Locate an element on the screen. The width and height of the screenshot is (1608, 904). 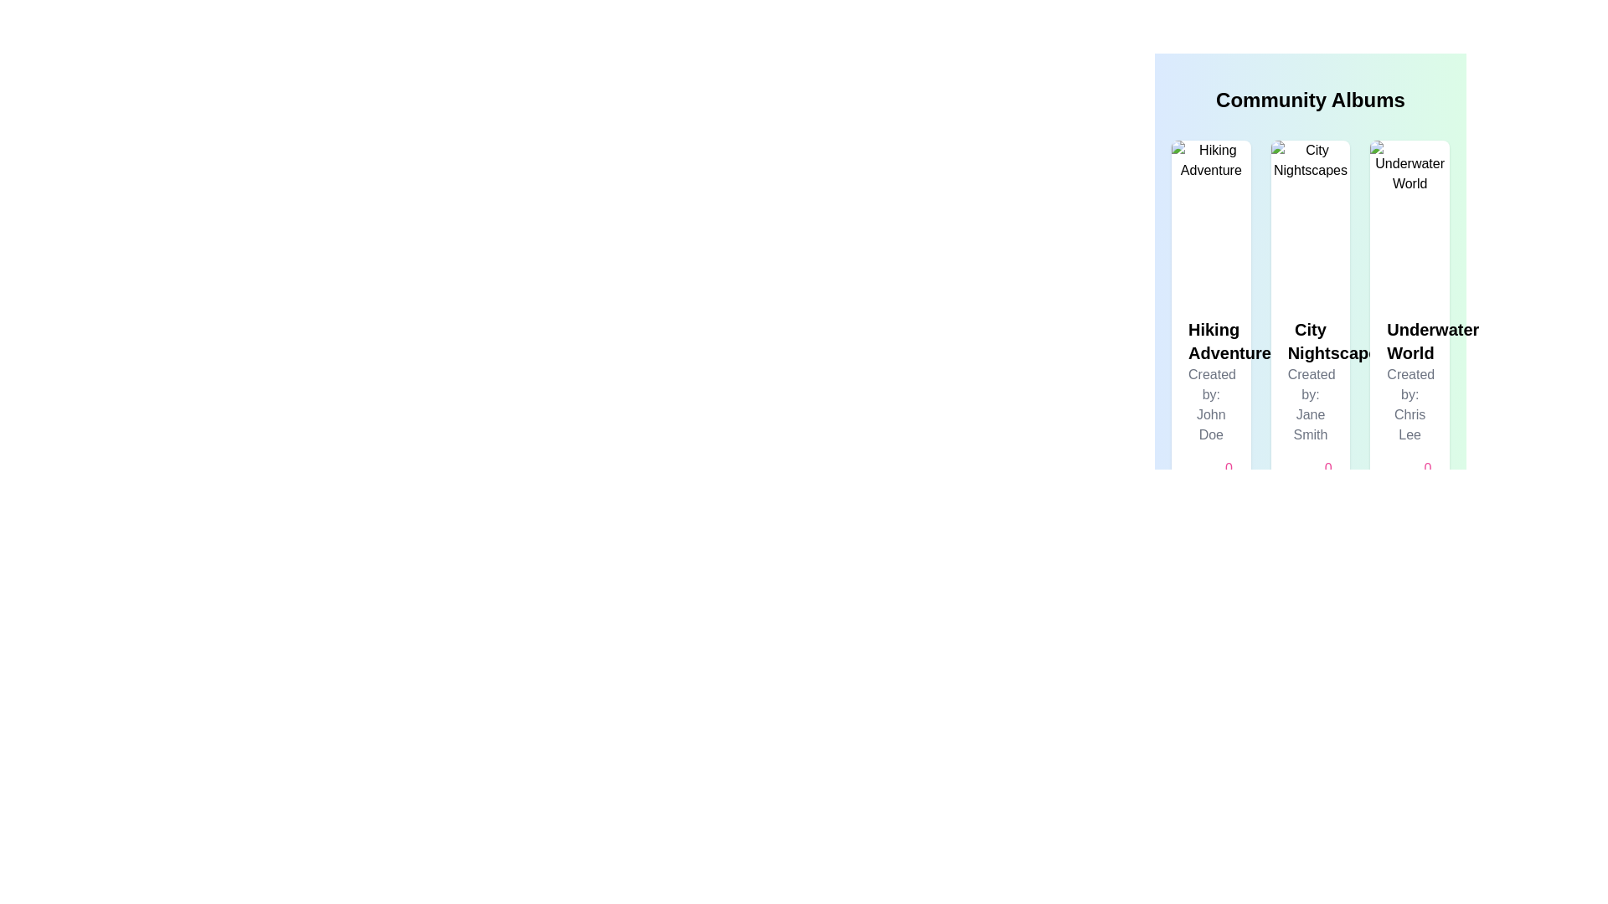
the like button located on the left side of the row, which allows users to like a post and changes color upon interaction is located at coordinates (1217, 478).